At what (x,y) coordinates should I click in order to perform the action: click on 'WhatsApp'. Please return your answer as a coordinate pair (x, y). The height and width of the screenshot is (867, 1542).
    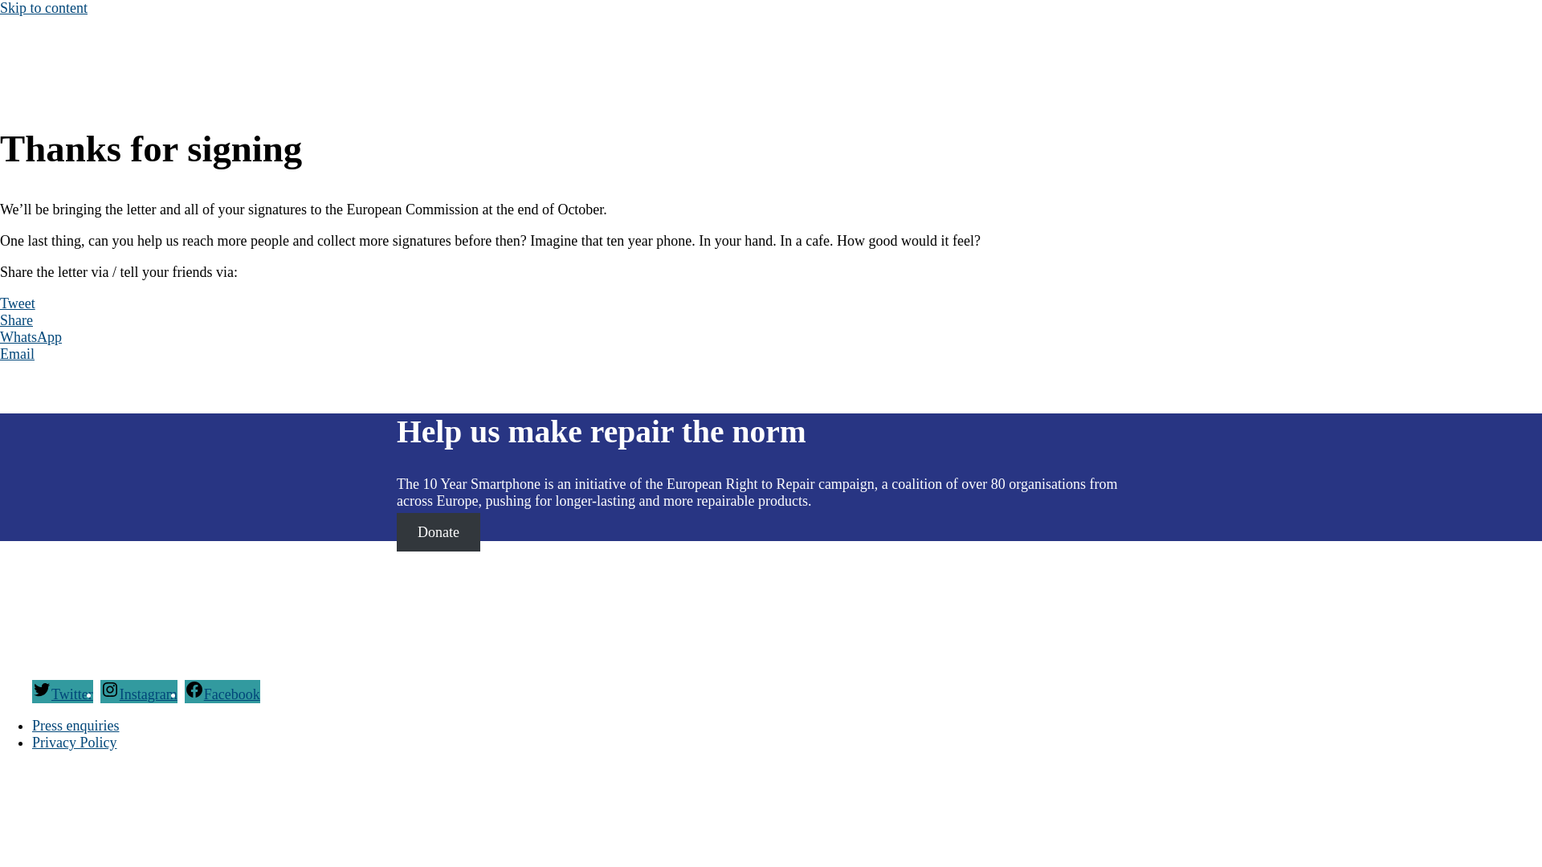
    Looking at the image, I should click on (31, 336).